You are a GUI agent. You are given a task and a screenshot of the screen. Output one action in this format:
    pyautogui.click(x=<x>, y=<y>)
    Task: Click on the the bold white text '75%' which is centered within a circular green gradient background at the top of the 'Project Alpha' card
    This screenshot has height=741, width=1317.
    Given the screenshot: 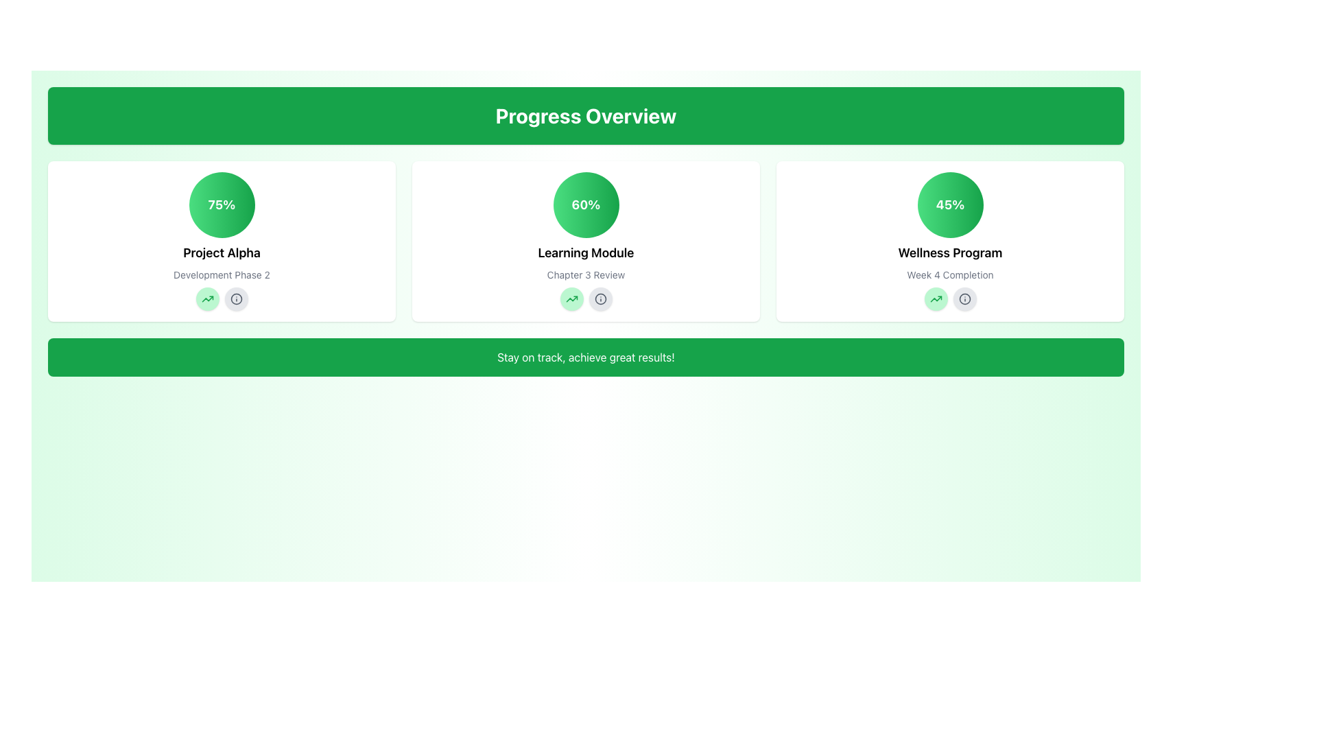 What is the action you would take?
    pyautogui.click(x=222, y=205)
    